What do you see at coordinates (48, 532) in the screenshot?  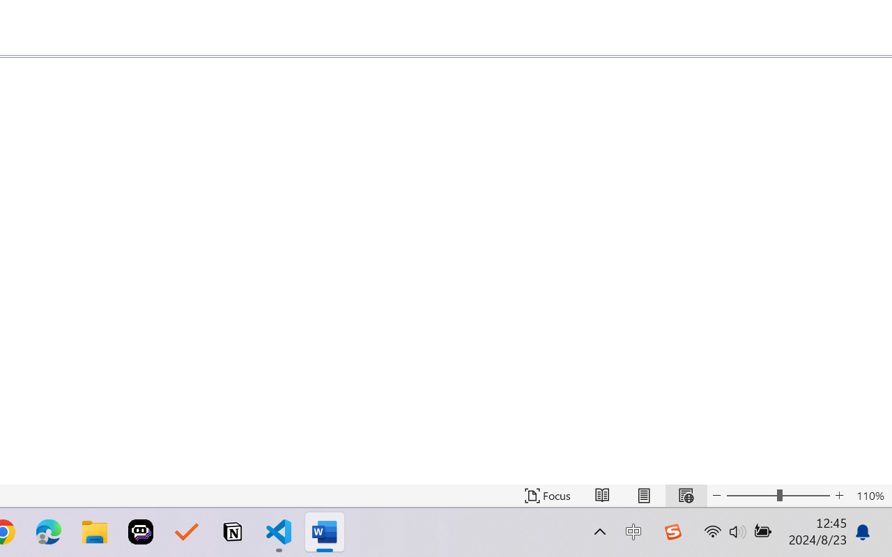 I see `'Microsoft Edge'` at bounding box center [48, 532].